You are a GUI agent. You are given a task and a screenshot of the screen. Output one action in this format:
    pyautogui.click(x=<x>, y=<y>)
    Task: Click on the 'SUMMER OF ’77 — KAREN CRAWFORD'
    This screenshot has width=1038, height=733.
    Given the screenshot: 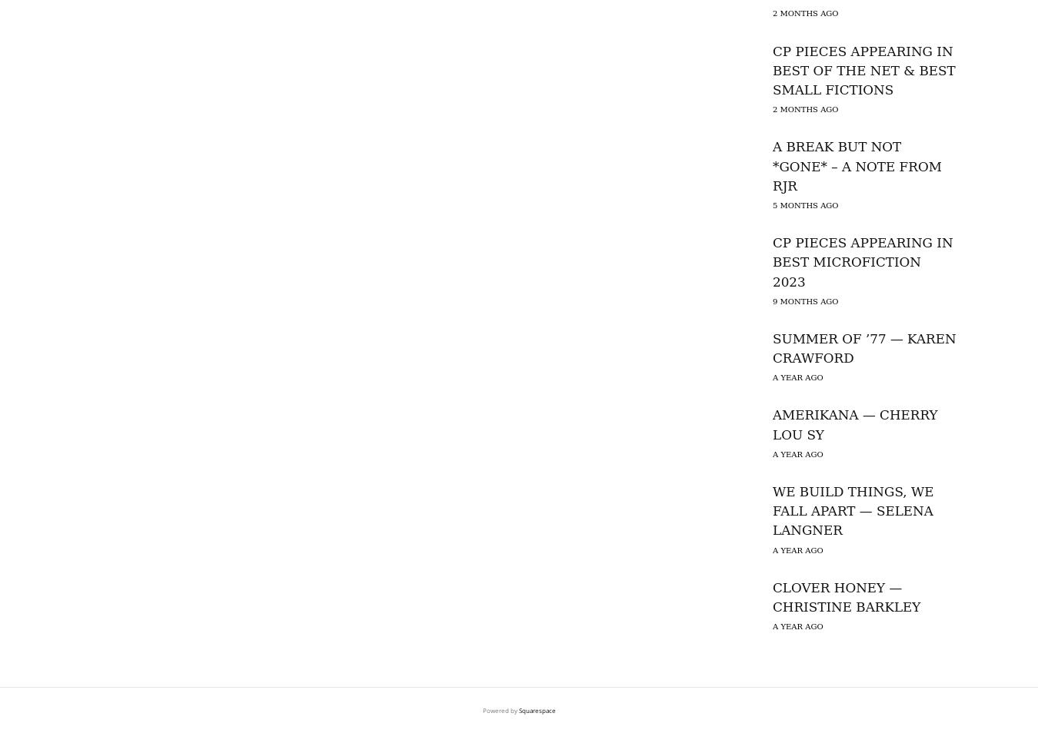 What is the action you would take?
    pyautogui.click(x=864, y=347)
    